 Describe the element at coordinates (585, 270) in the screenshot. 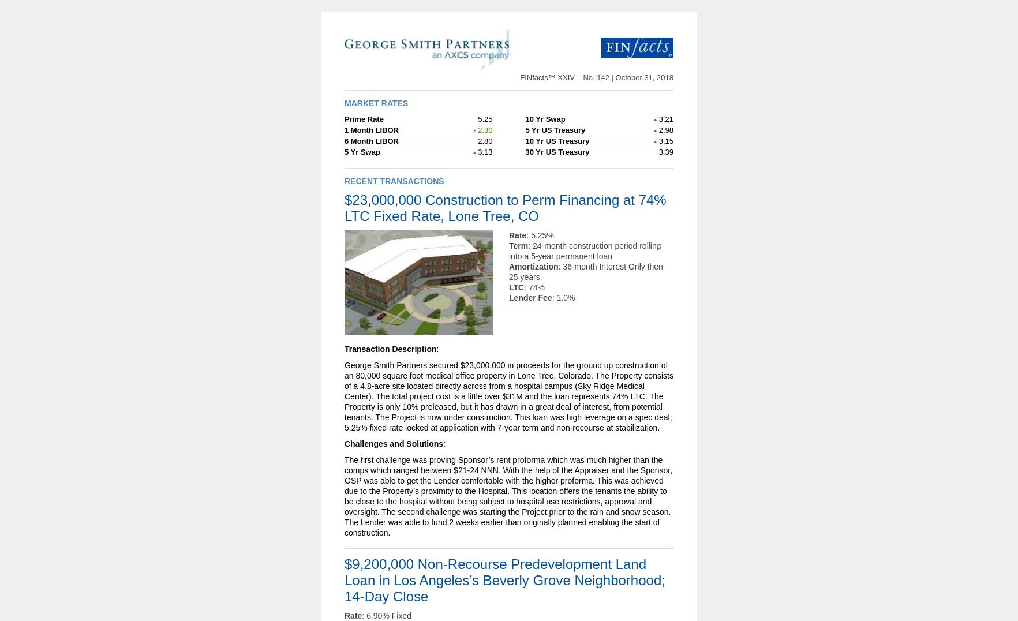

I see `': 36-month Interest Only then 25 years'` at that location.